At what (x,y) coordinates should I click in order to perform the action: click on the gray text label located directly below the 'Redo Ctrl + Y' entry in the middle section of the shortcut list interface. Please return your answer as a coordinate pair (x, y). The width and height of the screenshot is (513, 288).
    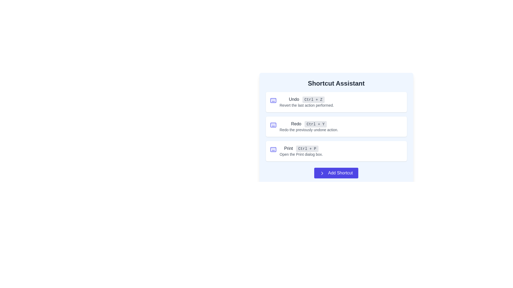
    Looking at the image, I should click on (309, 130).